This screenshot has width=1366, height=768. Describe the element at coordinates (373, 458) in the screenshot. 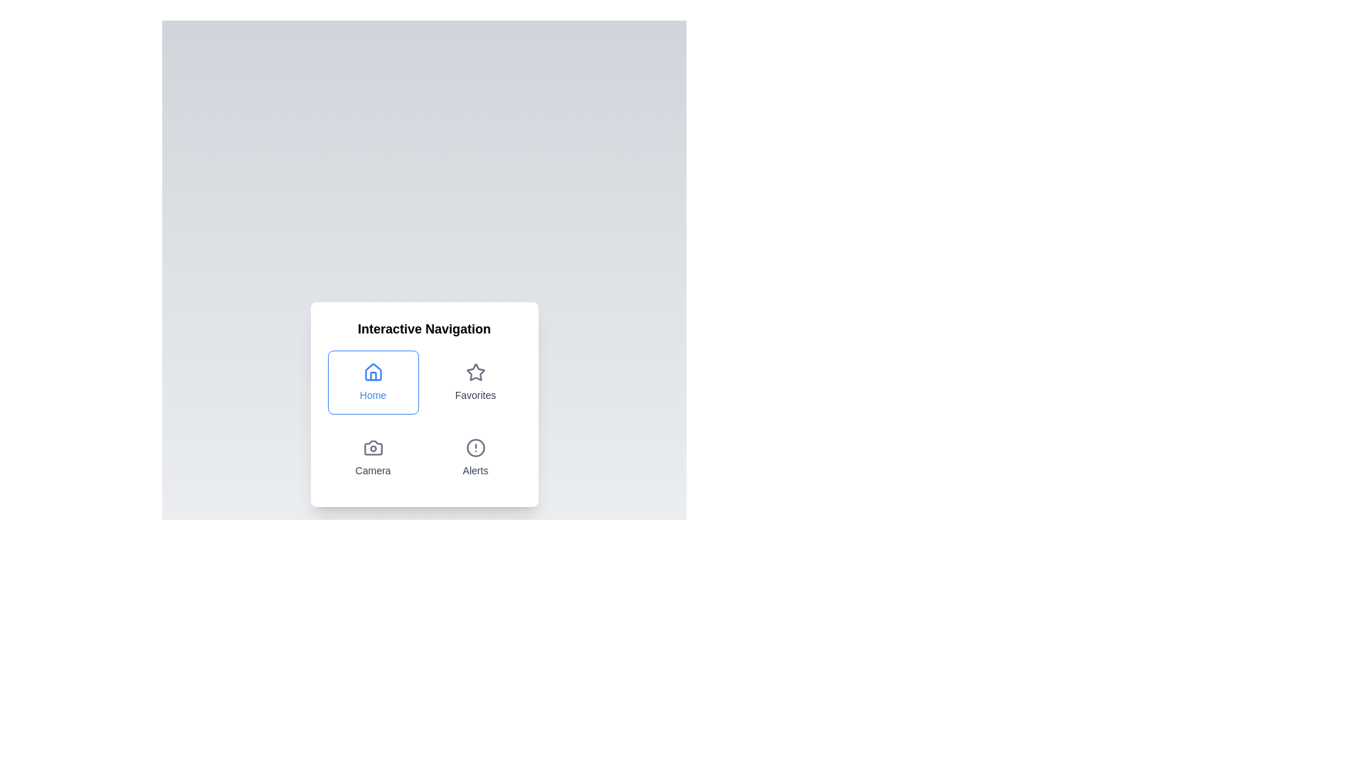

I see `the navigation item corresponding to Camera to activate it` at that location.